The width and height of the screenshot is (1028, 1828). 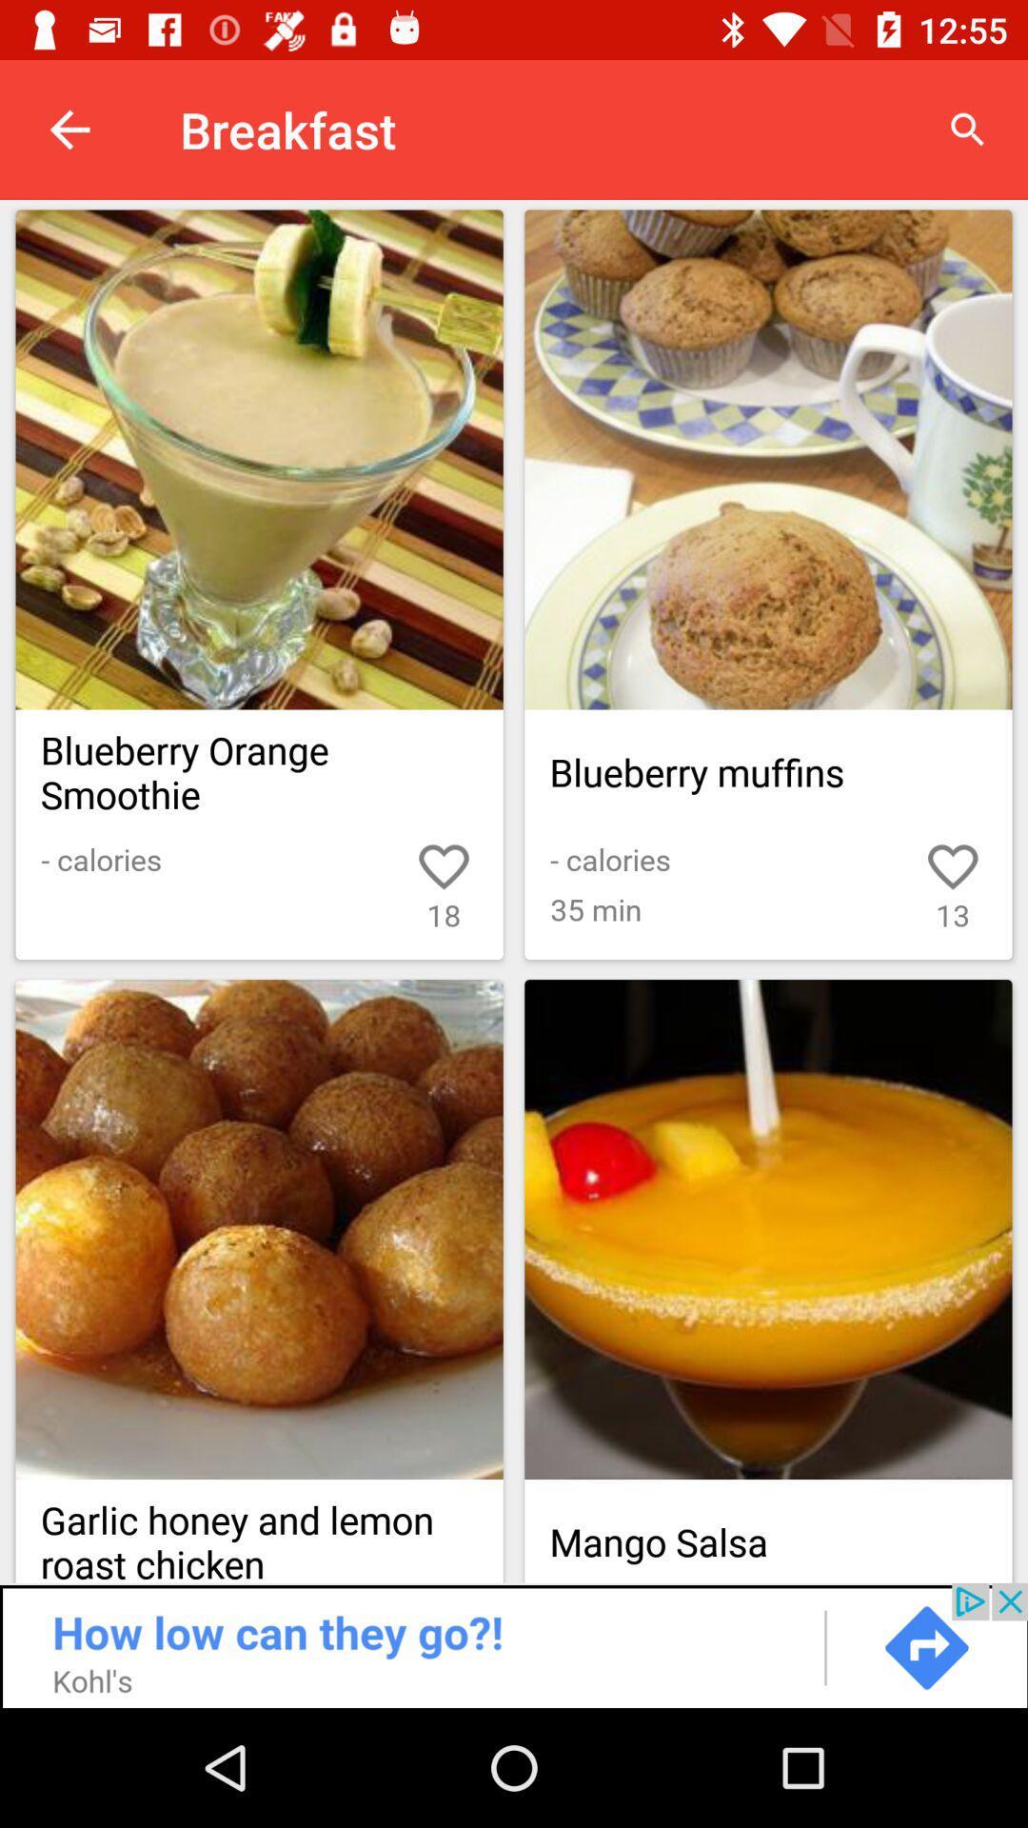 What do you see at coordinates (259, 1229) in the screenshot?
I see `set as favorite` at bounding box center [259, 1229].